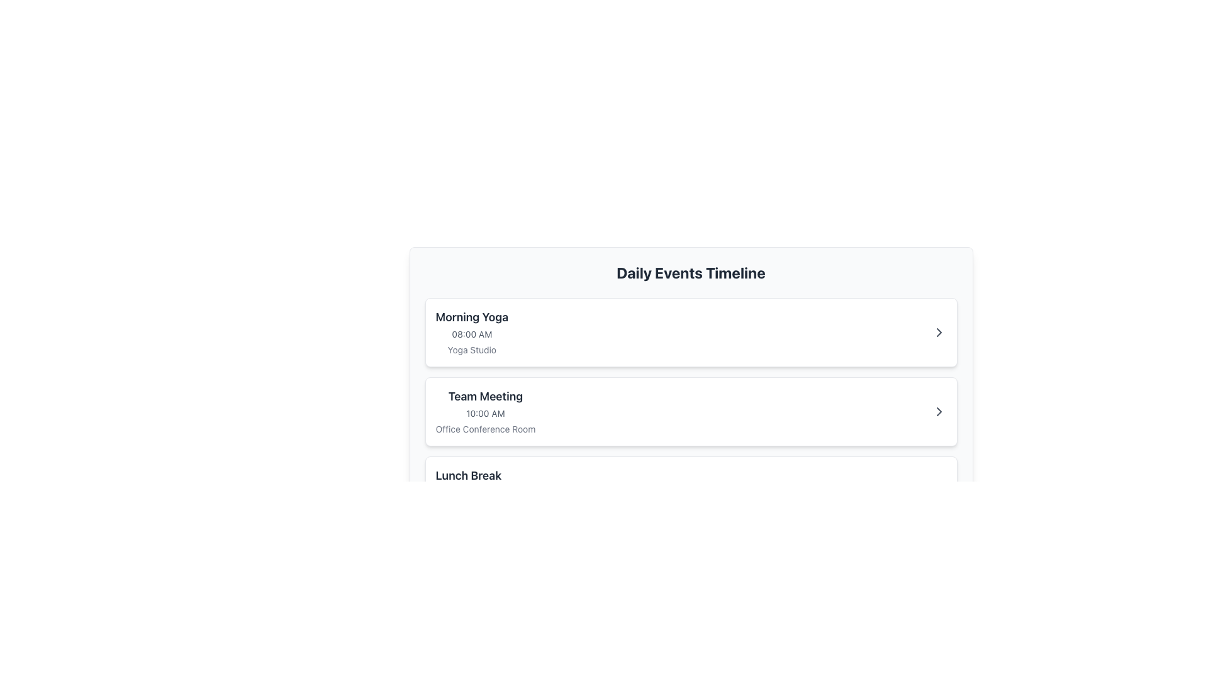 The height and width of the screenshot is (679, 1208). I want to click on the informational text block that provides details about the first scheduled event in the daily events list, so click(471, 331).